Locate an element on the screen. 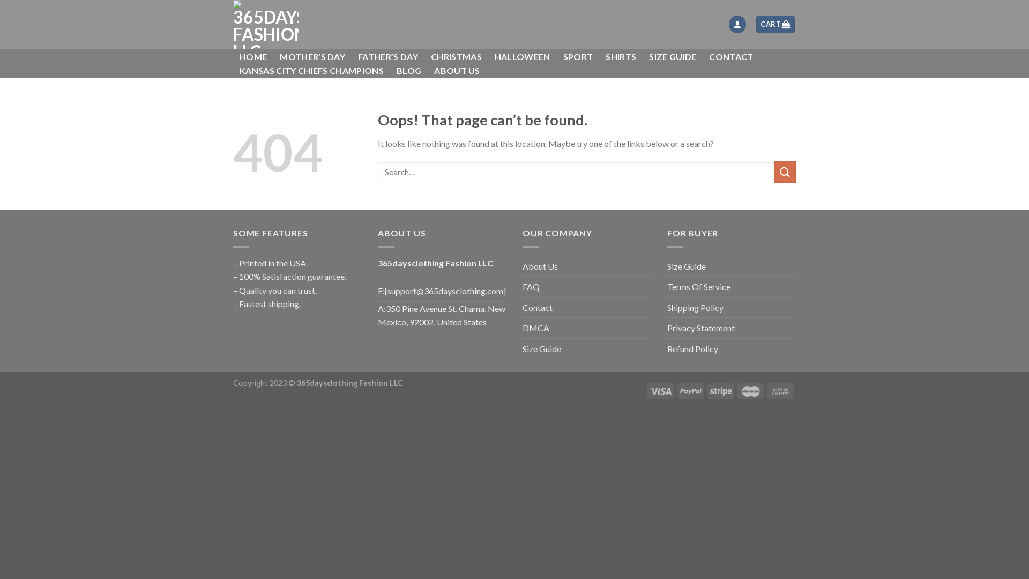  'ABOUT US' is located at coordinates (457, 70).